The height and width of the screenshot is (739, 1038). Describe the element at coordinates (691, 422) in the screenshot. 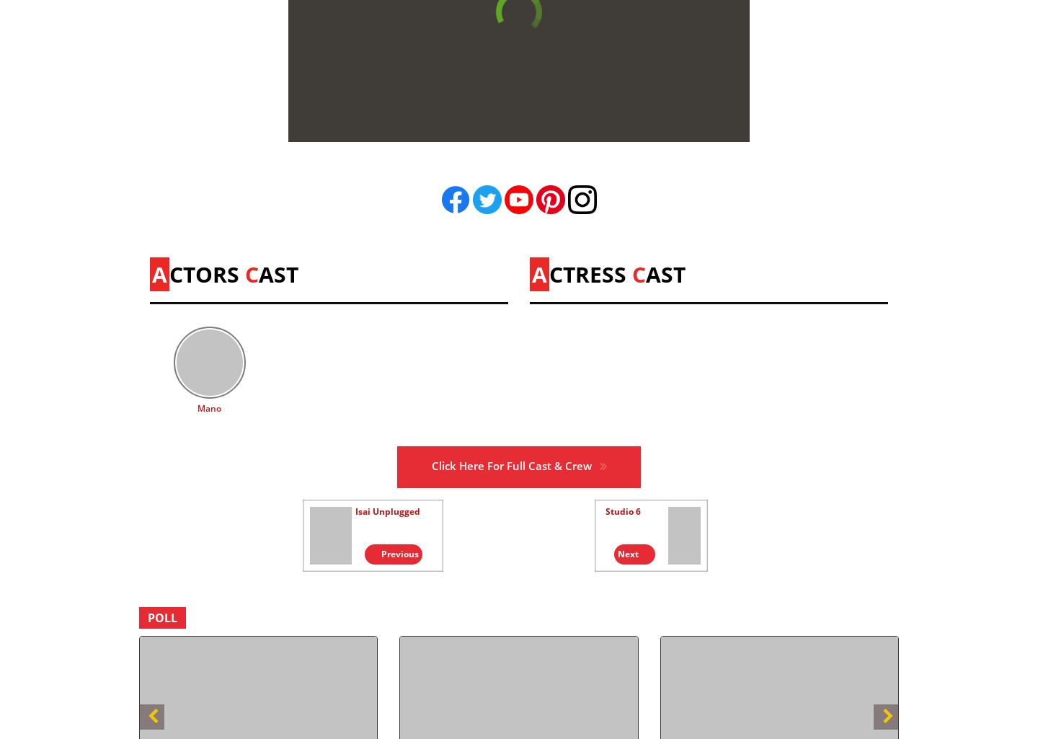

I see `'Chinna Thala Is Back In Action 💥💣 | #IPL2021​ | #N..'` at that location.